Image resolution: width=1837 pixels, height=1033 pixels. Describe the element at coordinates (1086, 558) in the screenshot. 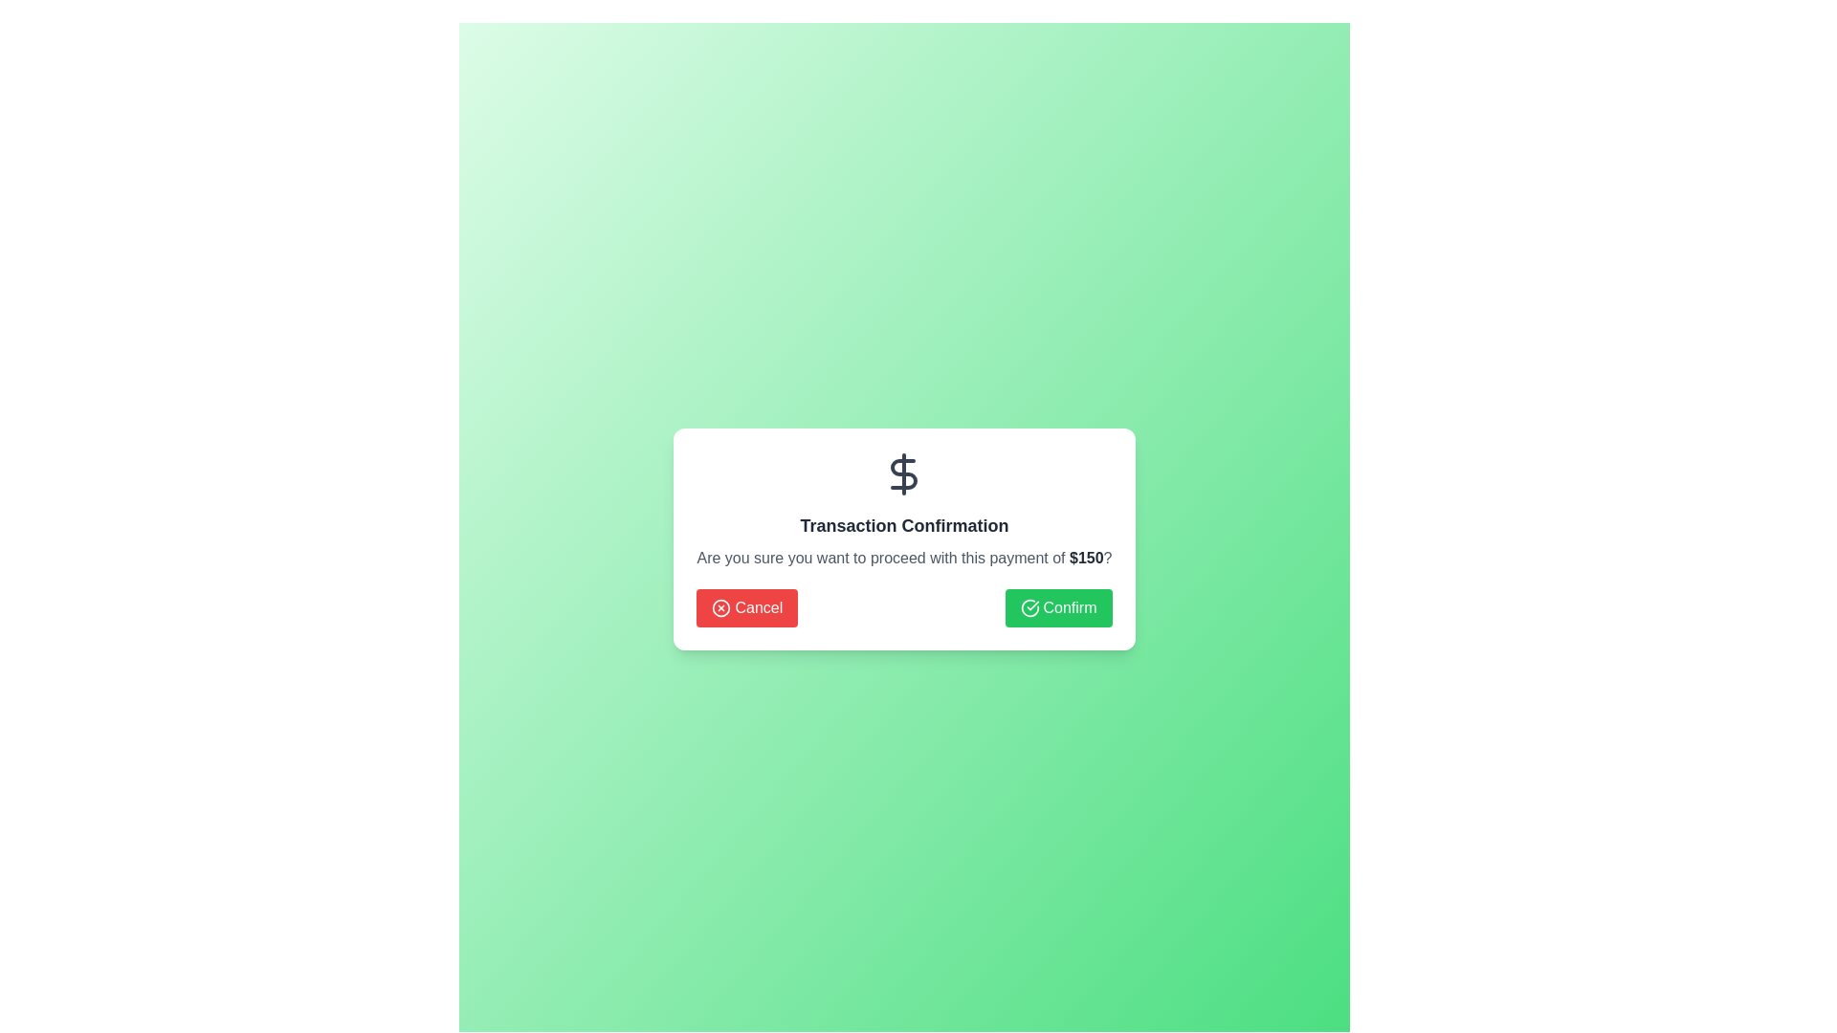

I see `amount displayed in the confirmation dialog text label showing '$150'` at that location.